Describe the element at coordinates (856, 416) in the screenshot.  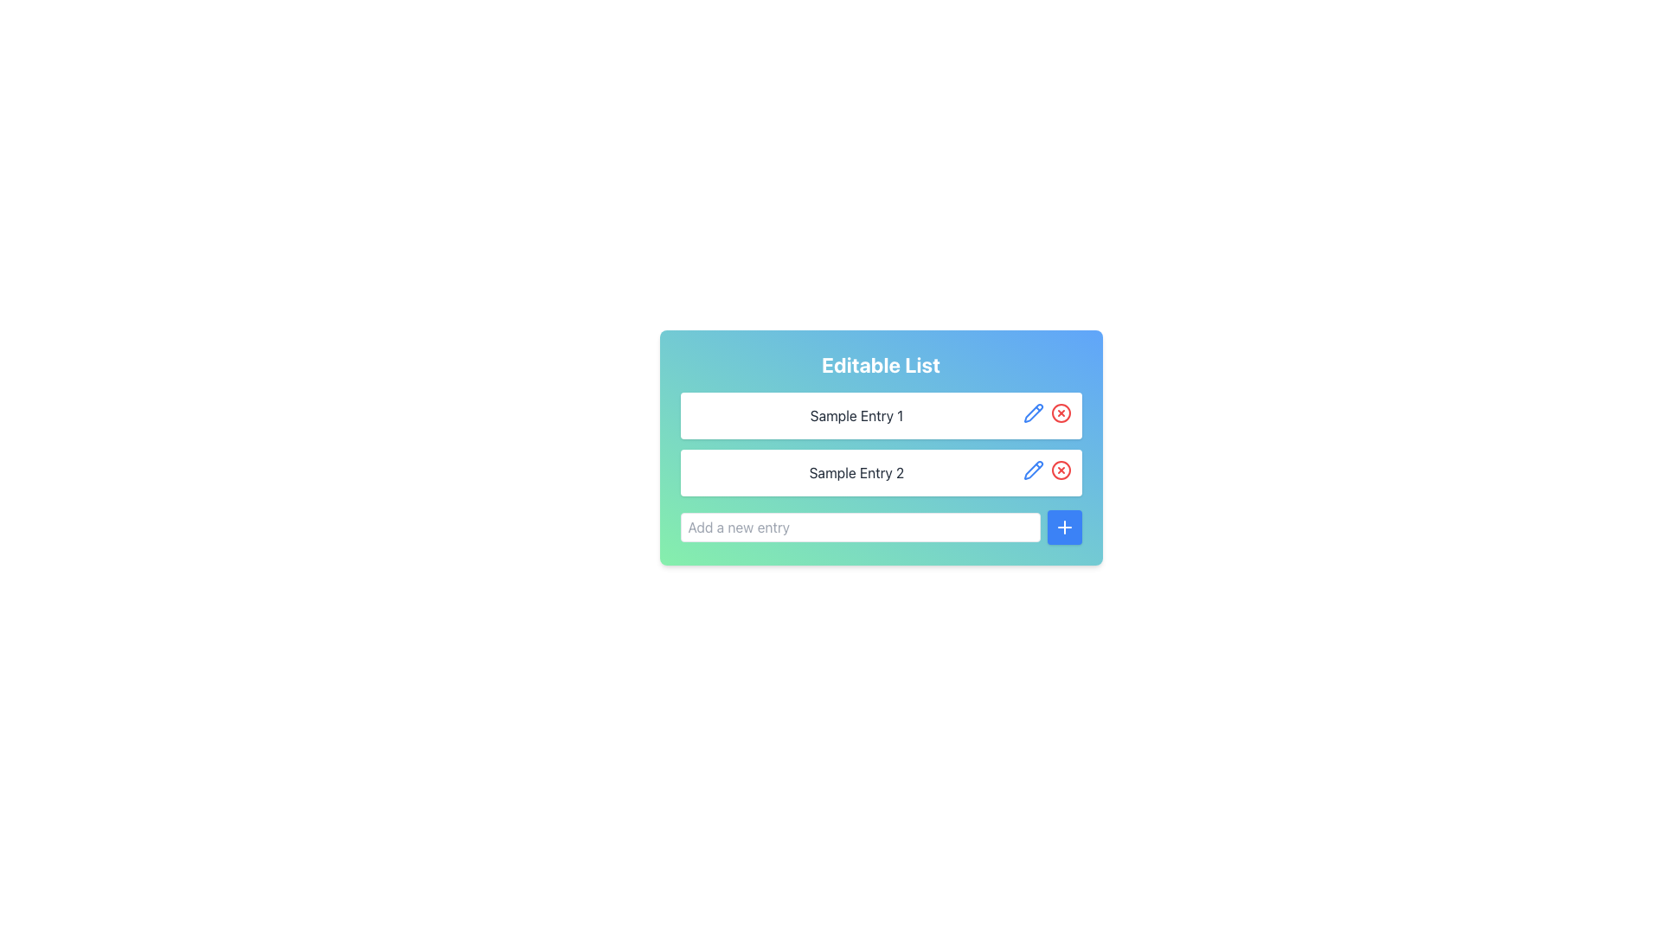
I see `the static text label in the first row of the 'Editable List' that indicates a specific entry, which is located before small interactive icons` at that location.